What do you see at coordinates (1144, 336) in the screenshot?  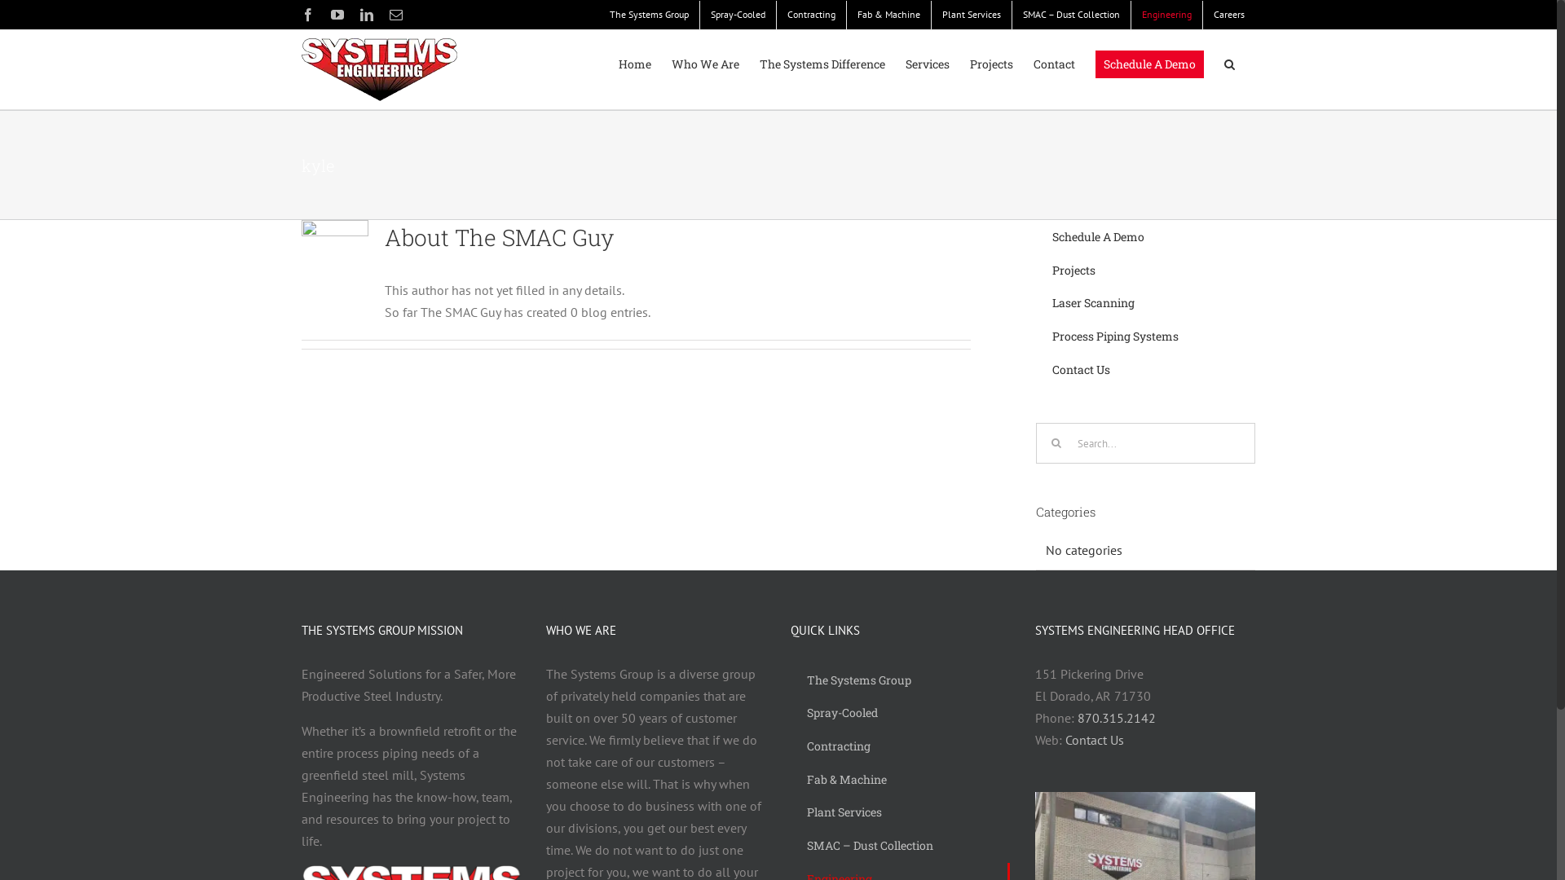 I see `'Process Piping Systems'` at bounding box center [1144, 336].